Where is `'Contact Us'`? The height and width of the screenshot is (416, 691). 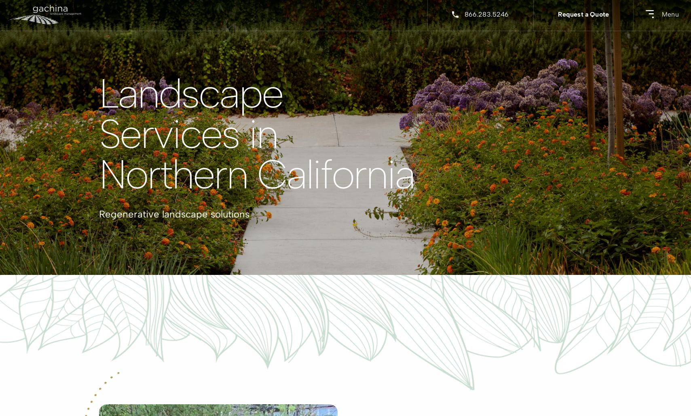 'Contact Us' is located at coordinates (114, 264).